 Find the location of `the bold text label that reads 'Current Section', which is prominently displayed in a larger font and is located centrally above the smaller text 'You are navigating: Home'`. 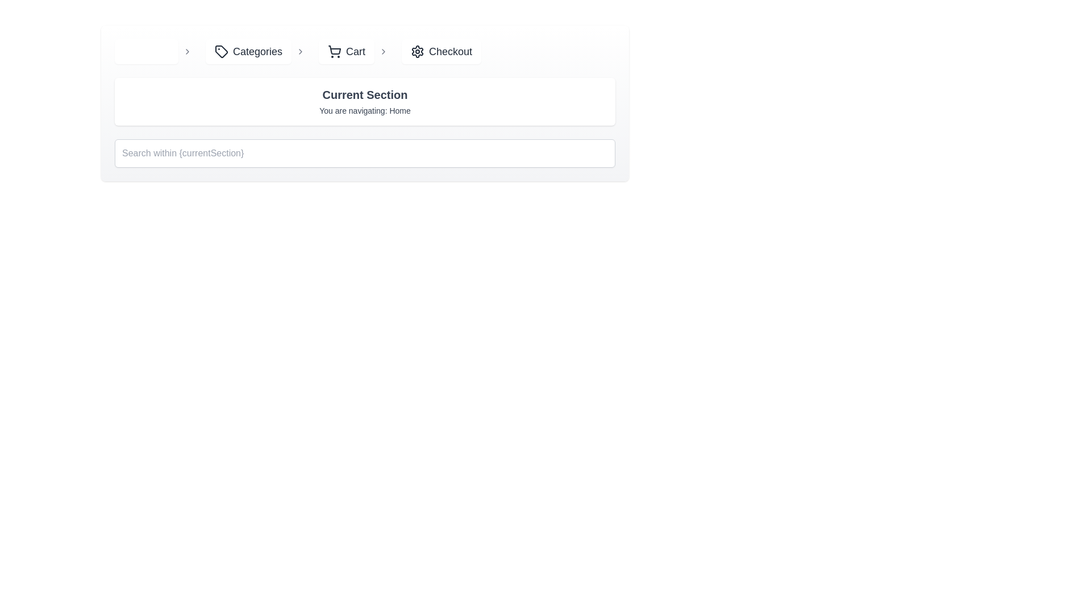

the bold text label that reads 'Current Section', which is prominently displayed in a larger font and is located centrally above the smaller text 'You are navigating: Home' is located at coordinates (365, 94).